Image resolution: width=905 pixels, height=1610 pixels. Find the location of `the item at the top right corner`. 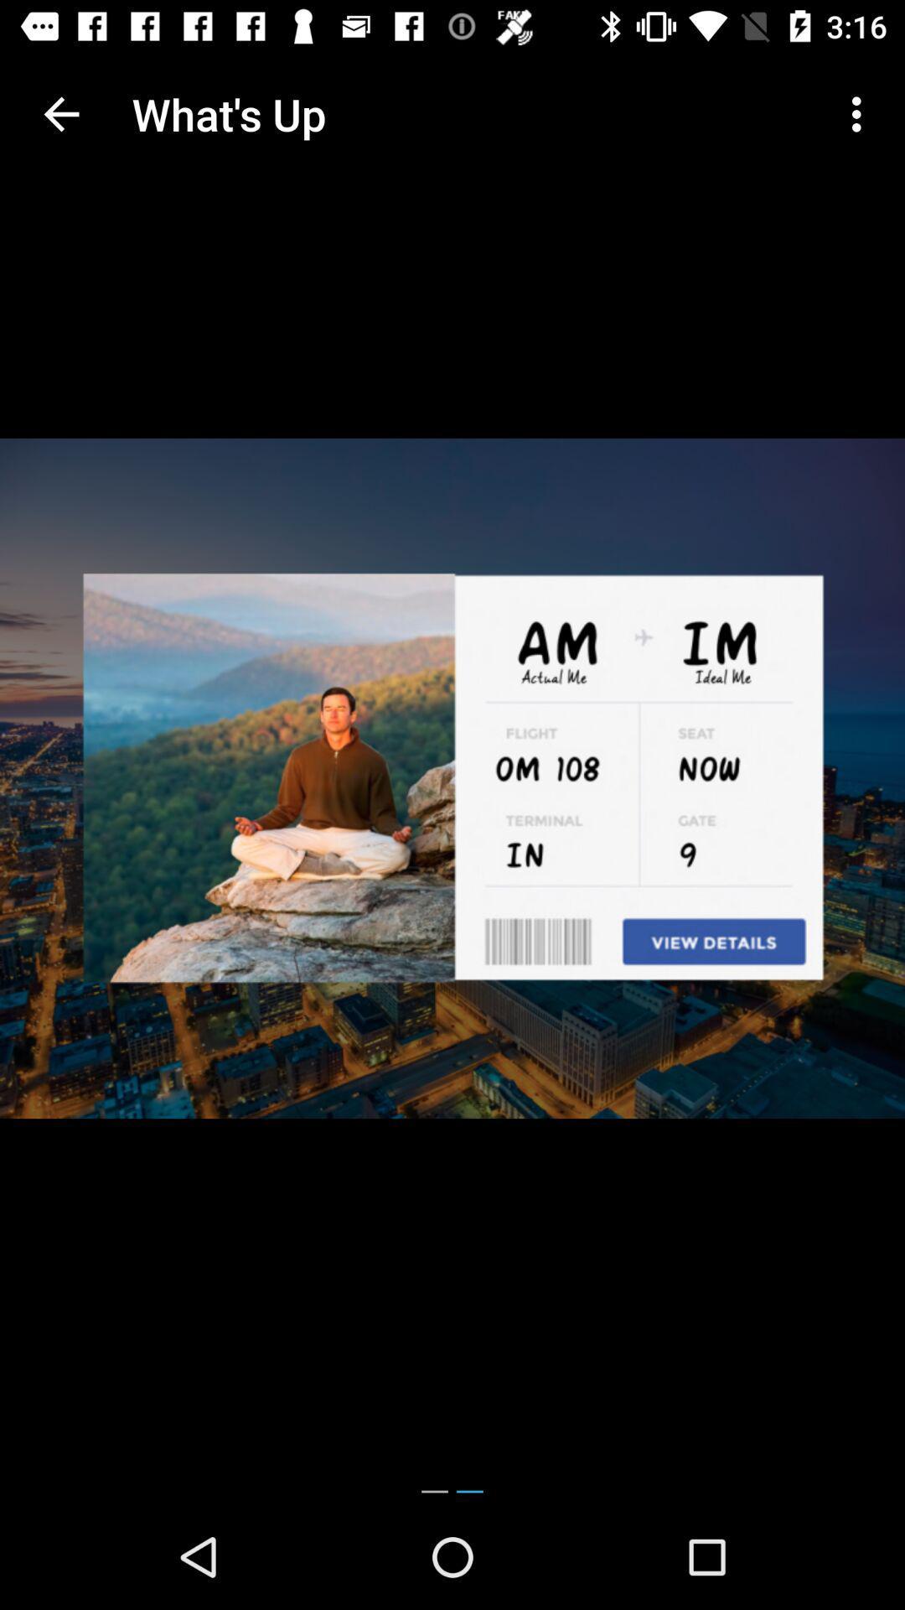

the item at the top right corner is located at coordinates (861, 113).